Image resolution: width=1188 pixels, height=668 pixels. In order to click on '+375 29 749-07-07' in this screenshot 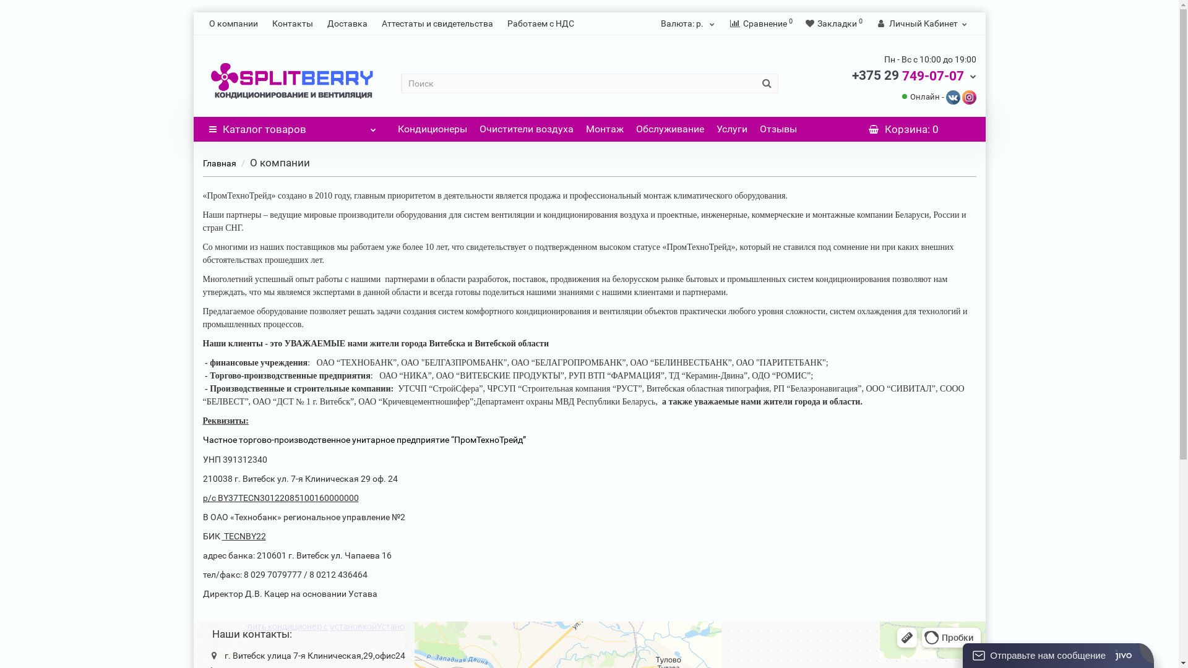, I will do `click(851, 75)`.